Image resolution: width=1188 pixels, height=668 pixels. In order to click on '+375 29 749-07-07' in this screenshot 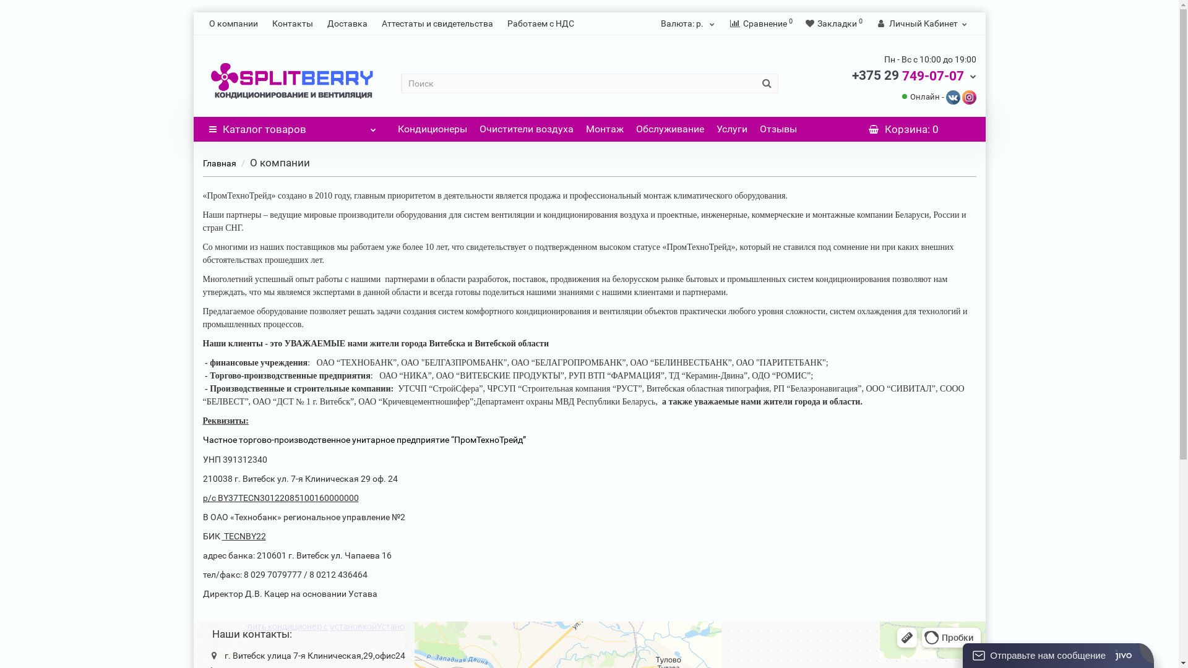, I will do `click(851, 75)`.